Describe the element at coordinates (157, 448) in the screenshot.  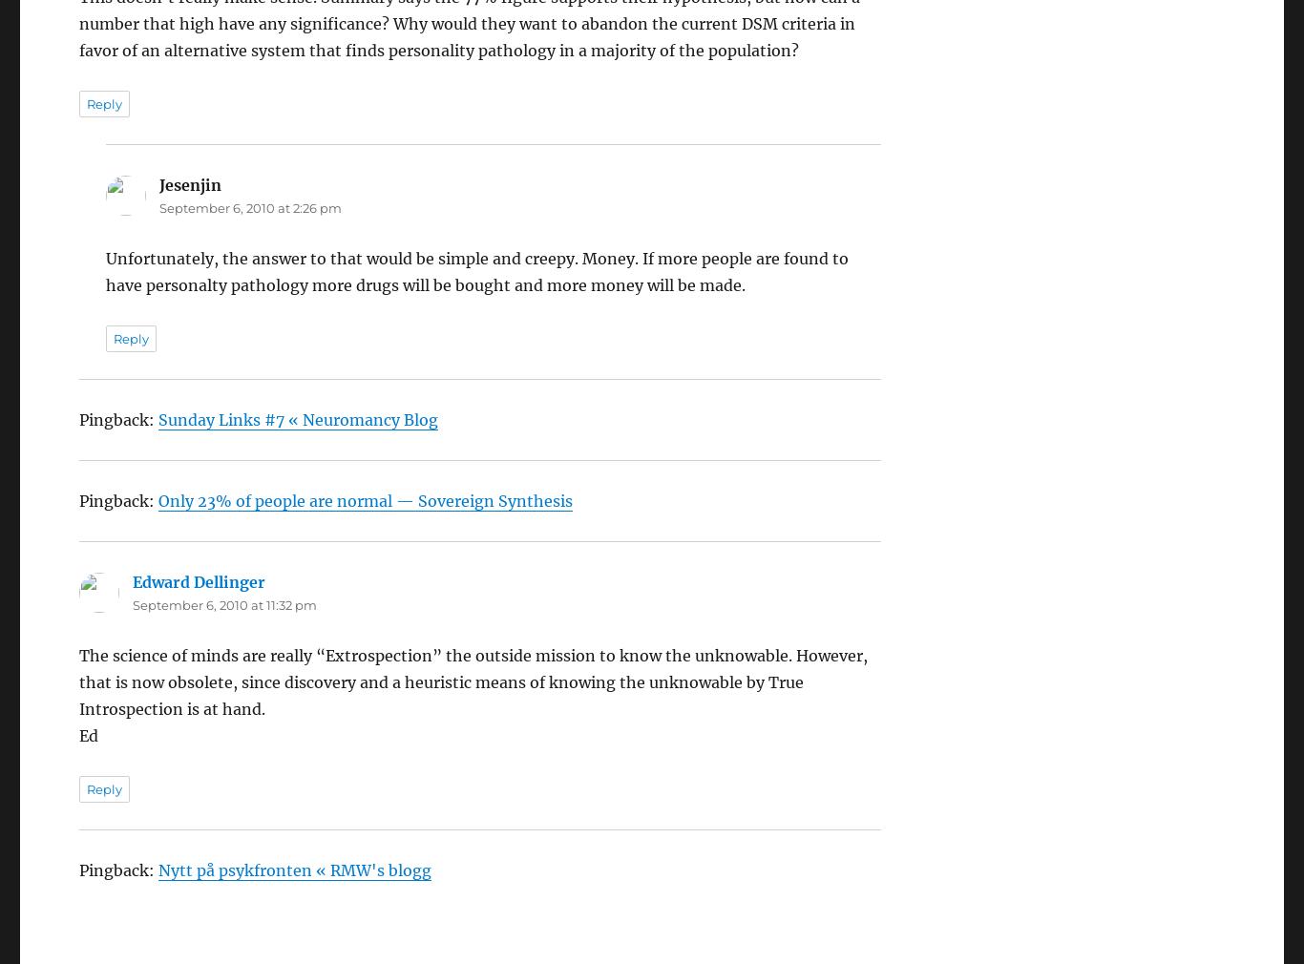
I see `'Only 23% of people are normal — Sovereign Synthesis'` at that location.